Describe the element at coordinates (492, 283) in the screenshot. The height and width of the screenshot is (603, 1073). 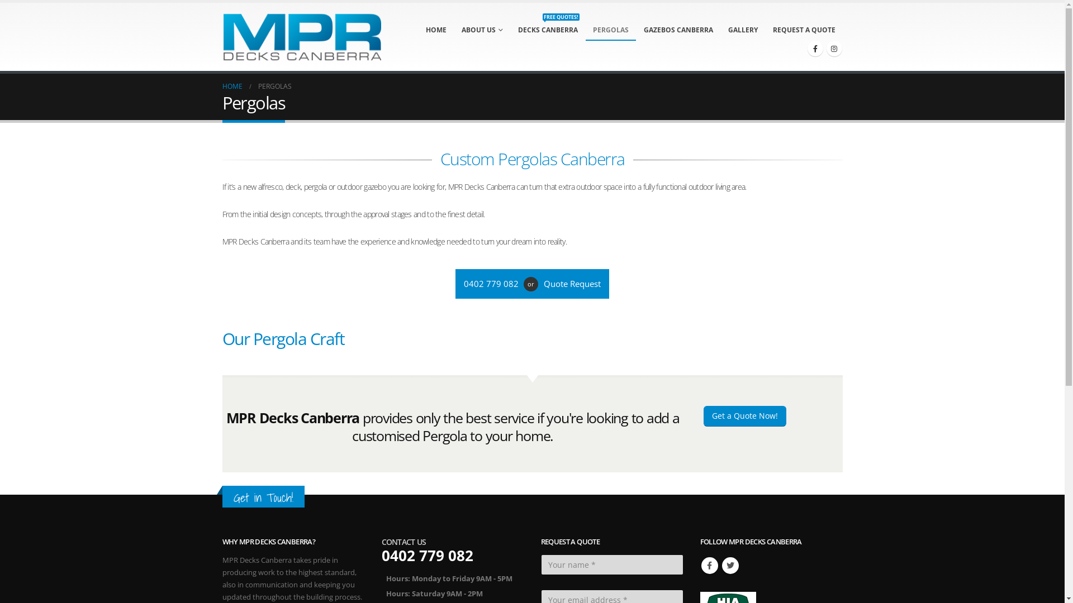
I see `'0402 779 082'` at that location.